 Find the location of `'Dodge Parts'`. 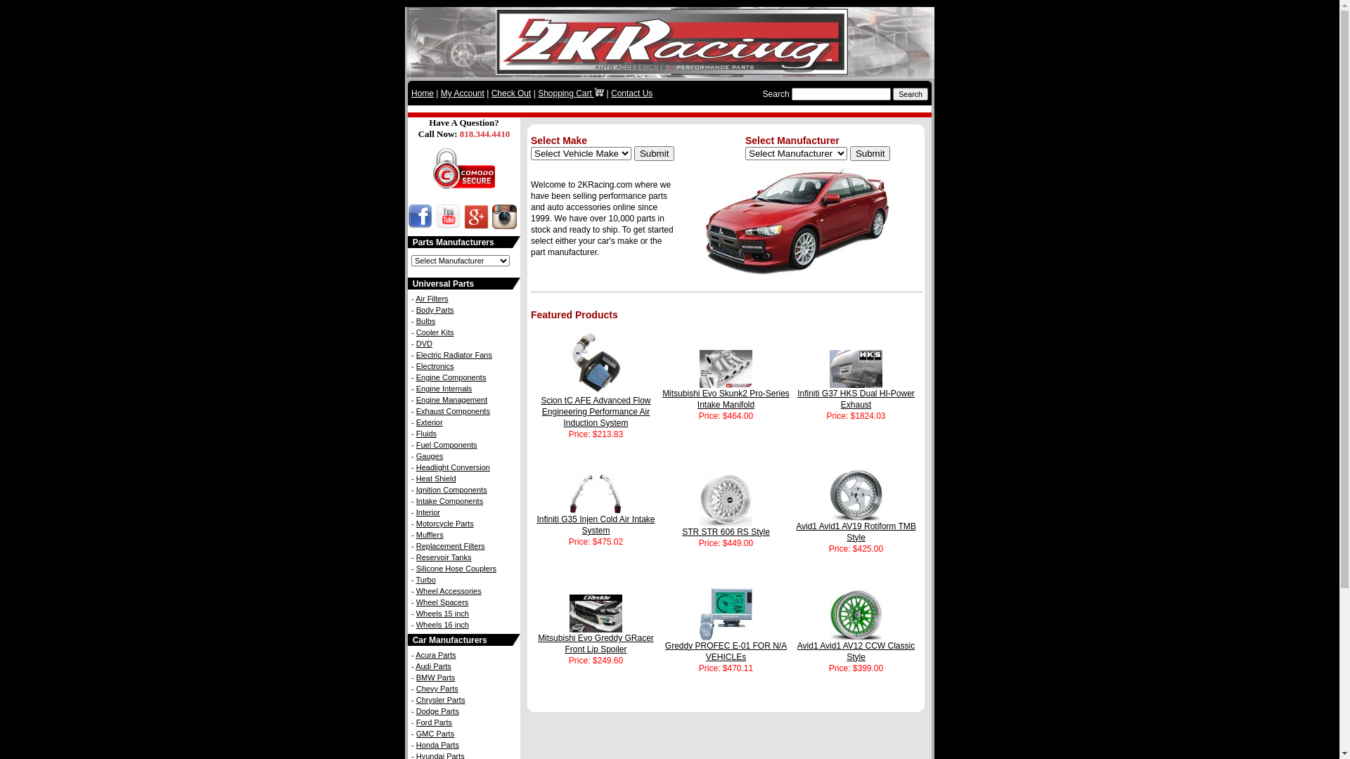

'Dodge Parts' is located at coordinates (437, 711).